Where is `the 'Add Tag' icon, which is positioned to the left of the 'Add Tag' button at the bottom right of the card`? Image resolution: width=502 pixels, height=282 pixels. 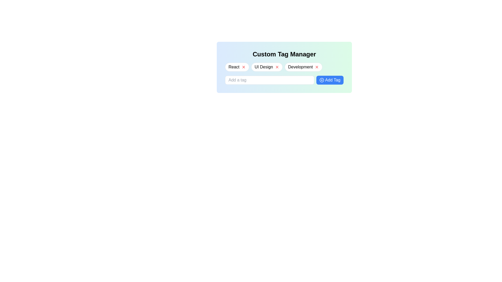 the 'Add Tag' icon, which is positioned to the left of the 'Add Tag' button at the bottom right of the card is located at coordinates (321, 80).